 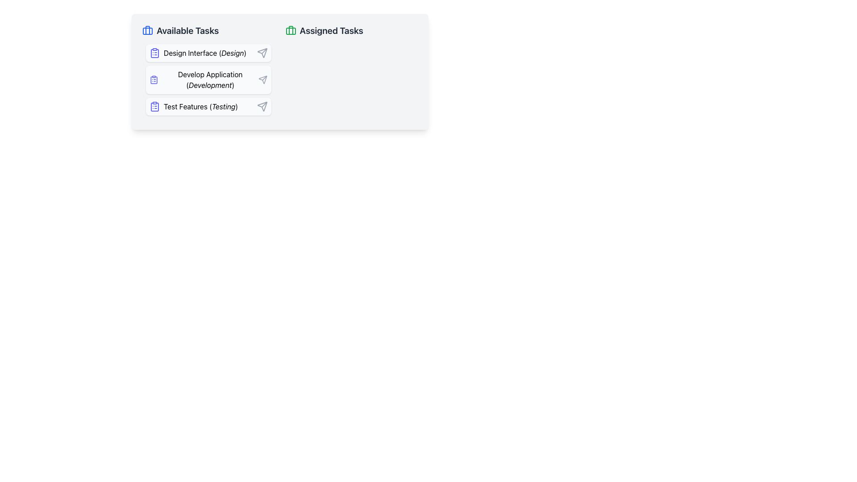 What do you see at coordinates (154, 79) in the screenshot?
I see `the clipboard icon representing tasks located under the 'Available Tasks' section, positioned to the left of 'Develop Application (Development)'` at bounding box center [154, 79].